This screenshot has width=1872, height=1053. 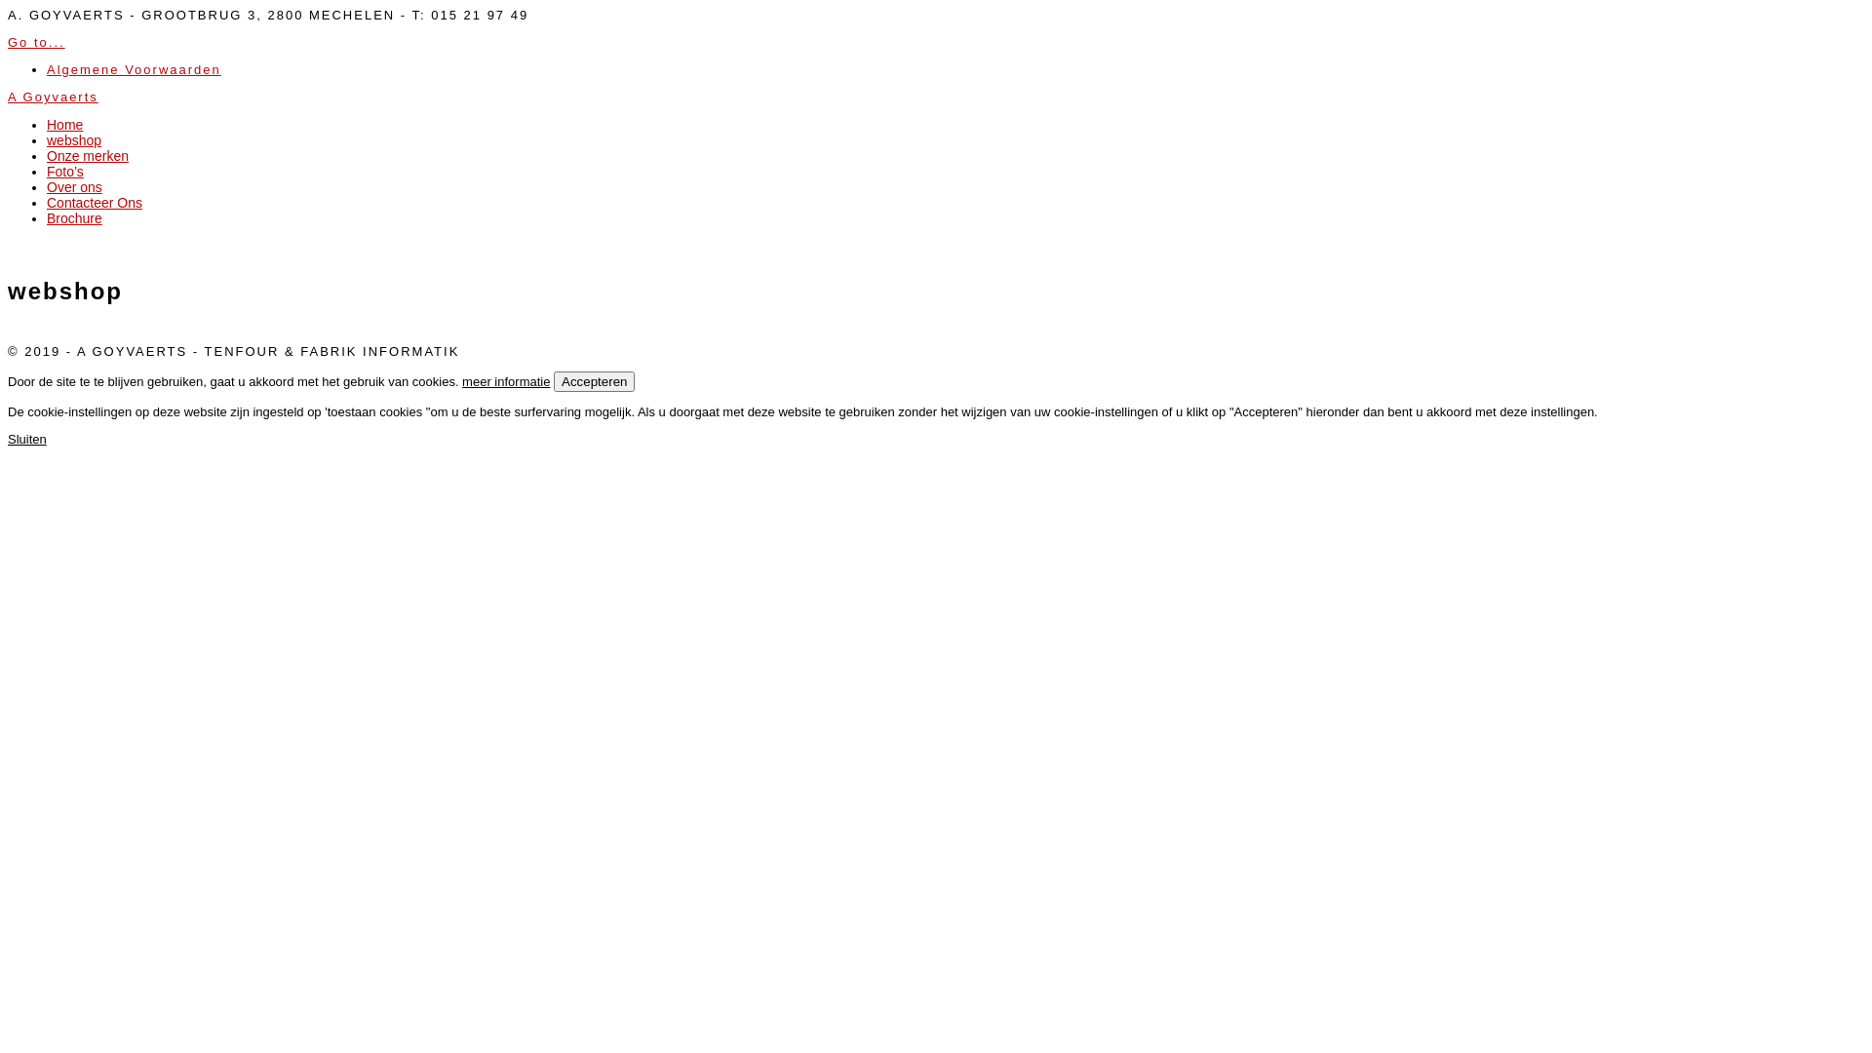 What do you see at coordinates (87, 154) in the screenshot?
I see `'Onze merken'` at bounding box center [87, 154].